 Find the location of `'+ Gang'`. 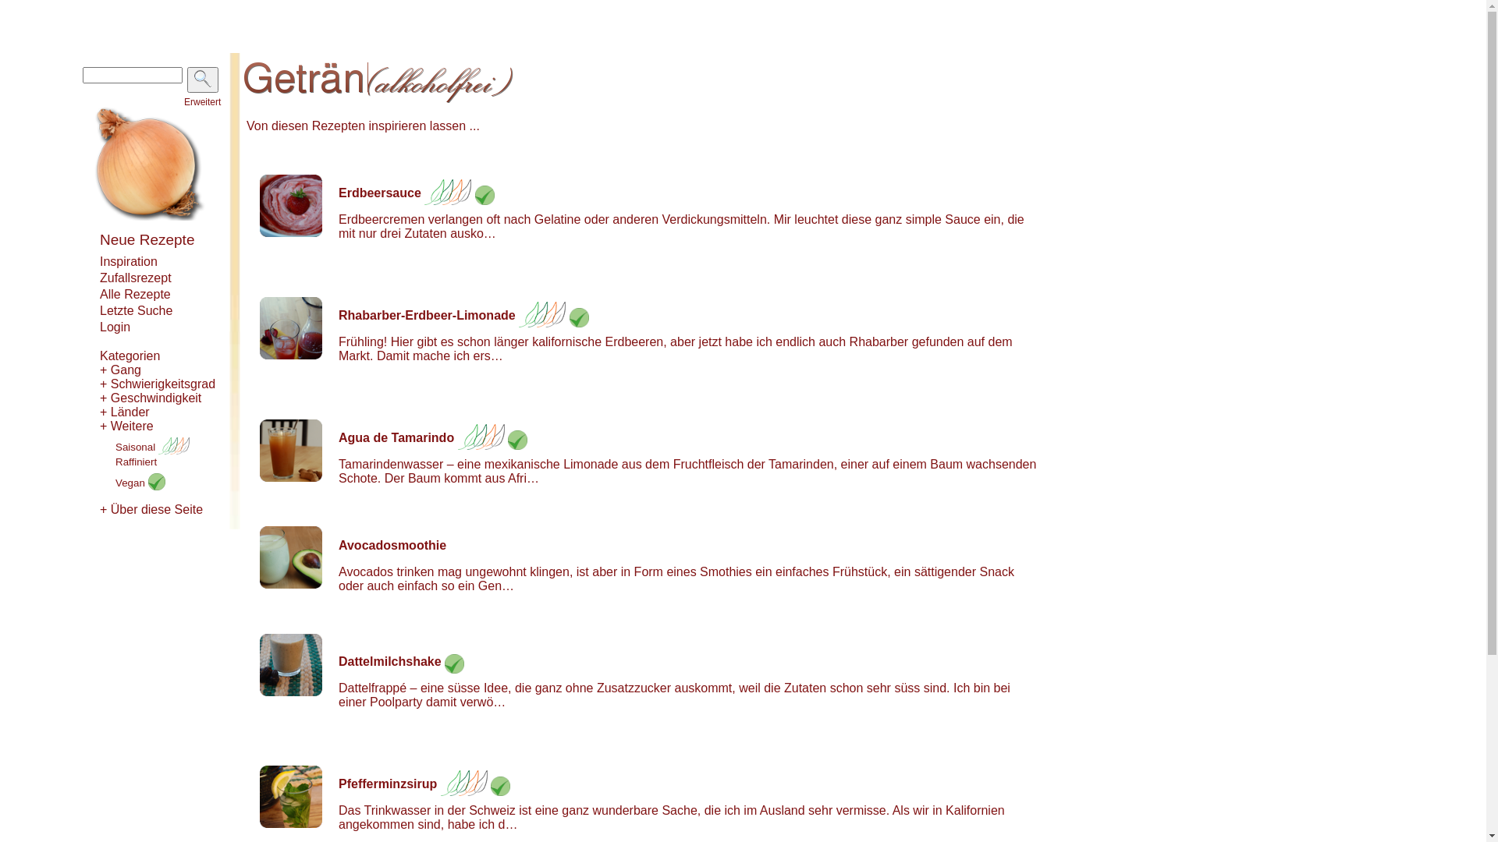

'+ Gang' is located at coordinates (119, 370).